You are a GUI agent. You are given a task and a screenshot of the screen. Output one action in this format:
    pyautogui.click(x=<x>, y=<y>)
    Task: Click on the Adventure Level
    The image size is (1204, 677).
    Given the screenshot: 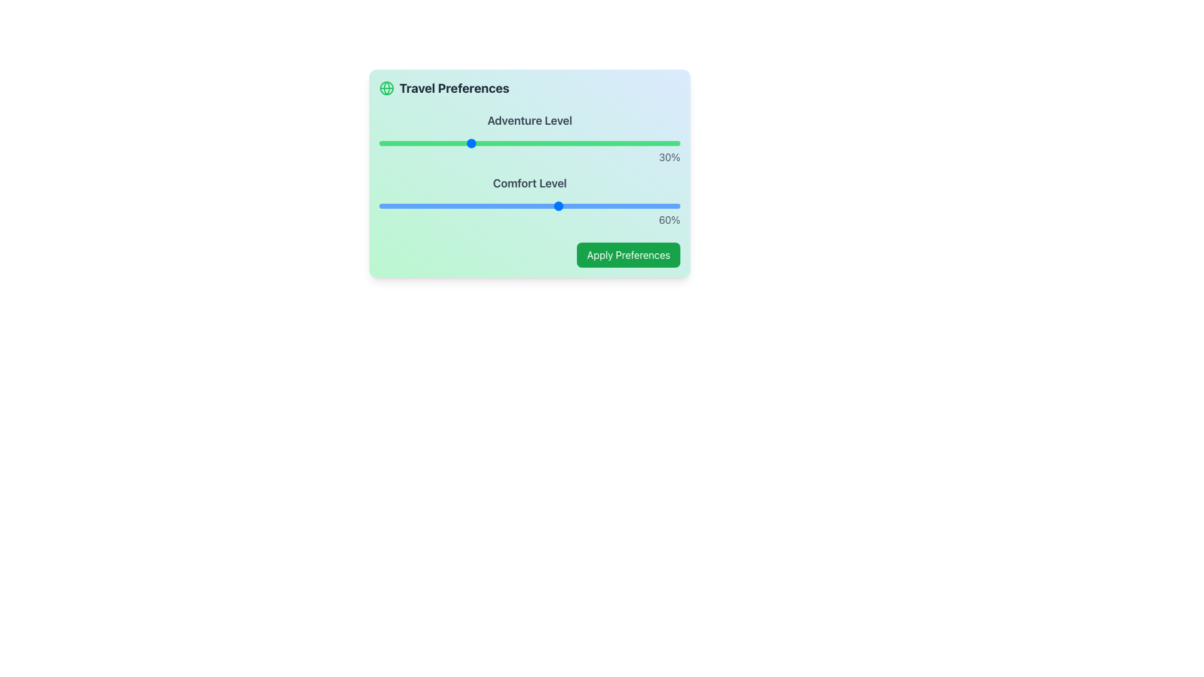 What is the action you would take?
    pyautogui.click(x=457, y=142)
    